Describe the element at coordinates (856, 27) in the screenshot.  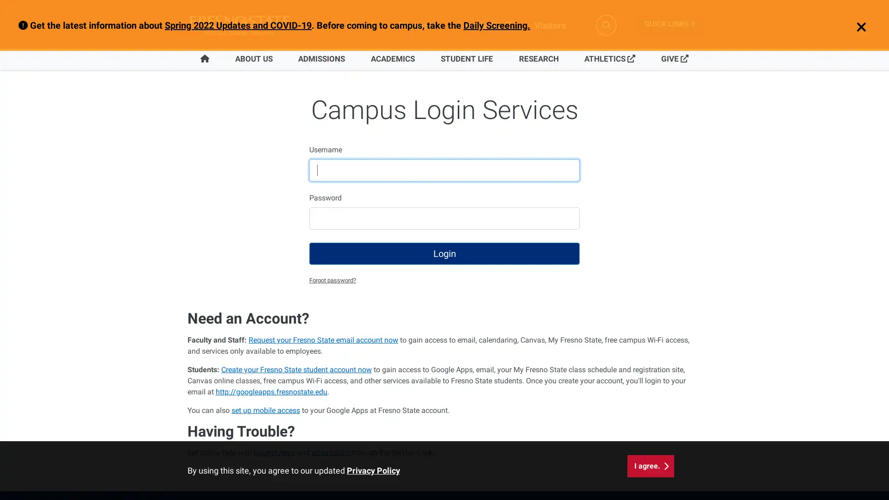
I see `Close` at that location.